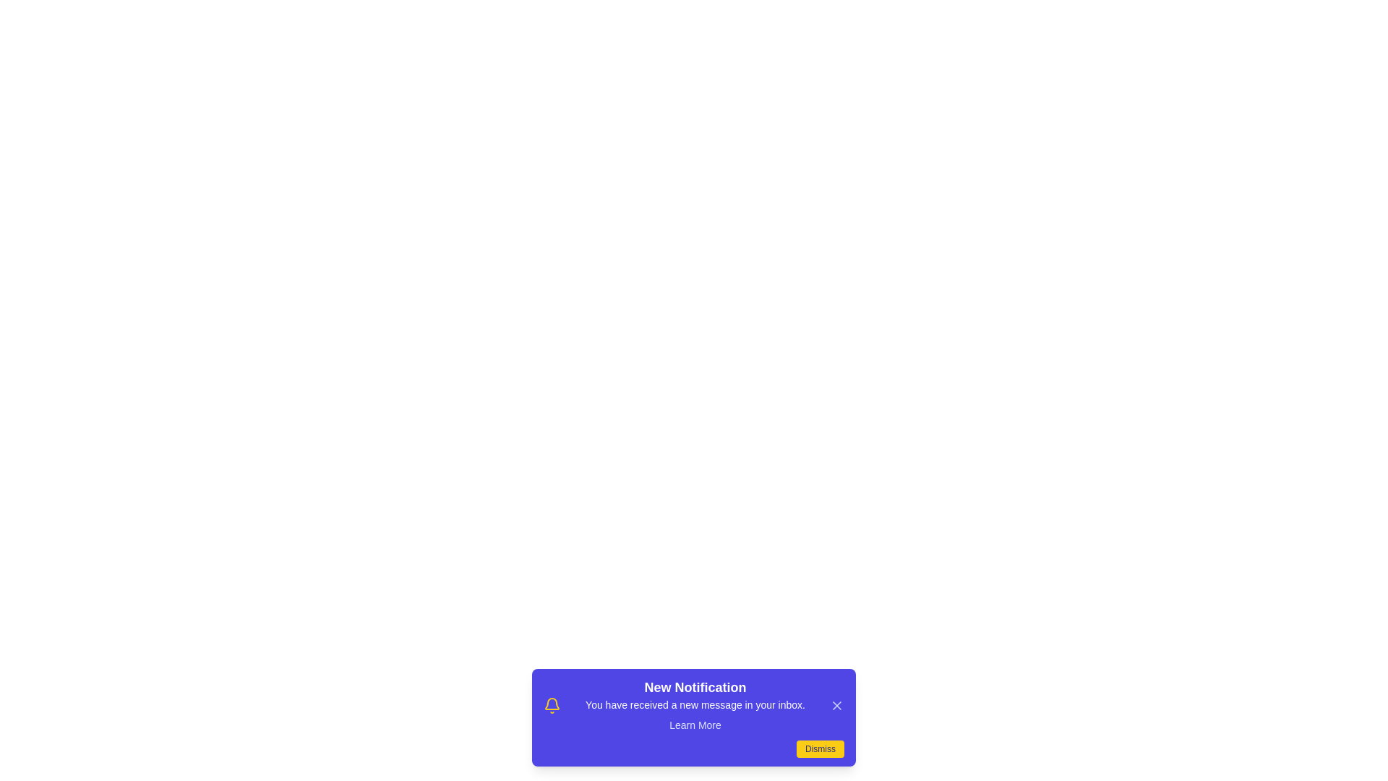 Image resolution: width=1388 pixels, height=781 pixels. Describe the element at coordinates (820, 748) in the screenshot. I see `the 'Dismiss' button to hide the notification` at that location.